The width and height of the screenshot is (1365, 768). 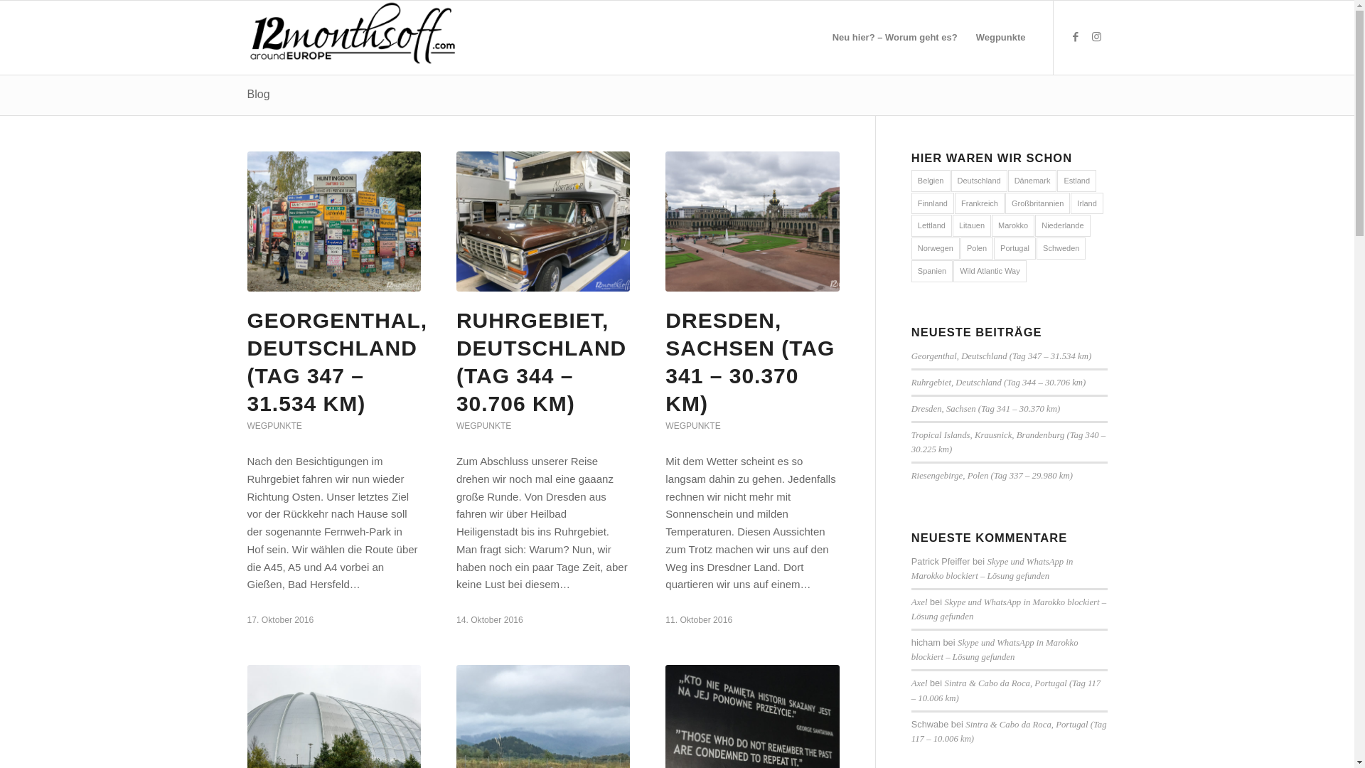 What do you see at coordinates (966, 37) in the screenshot?
I see `'Wegpunkte'` at bounding box center [966, 37].